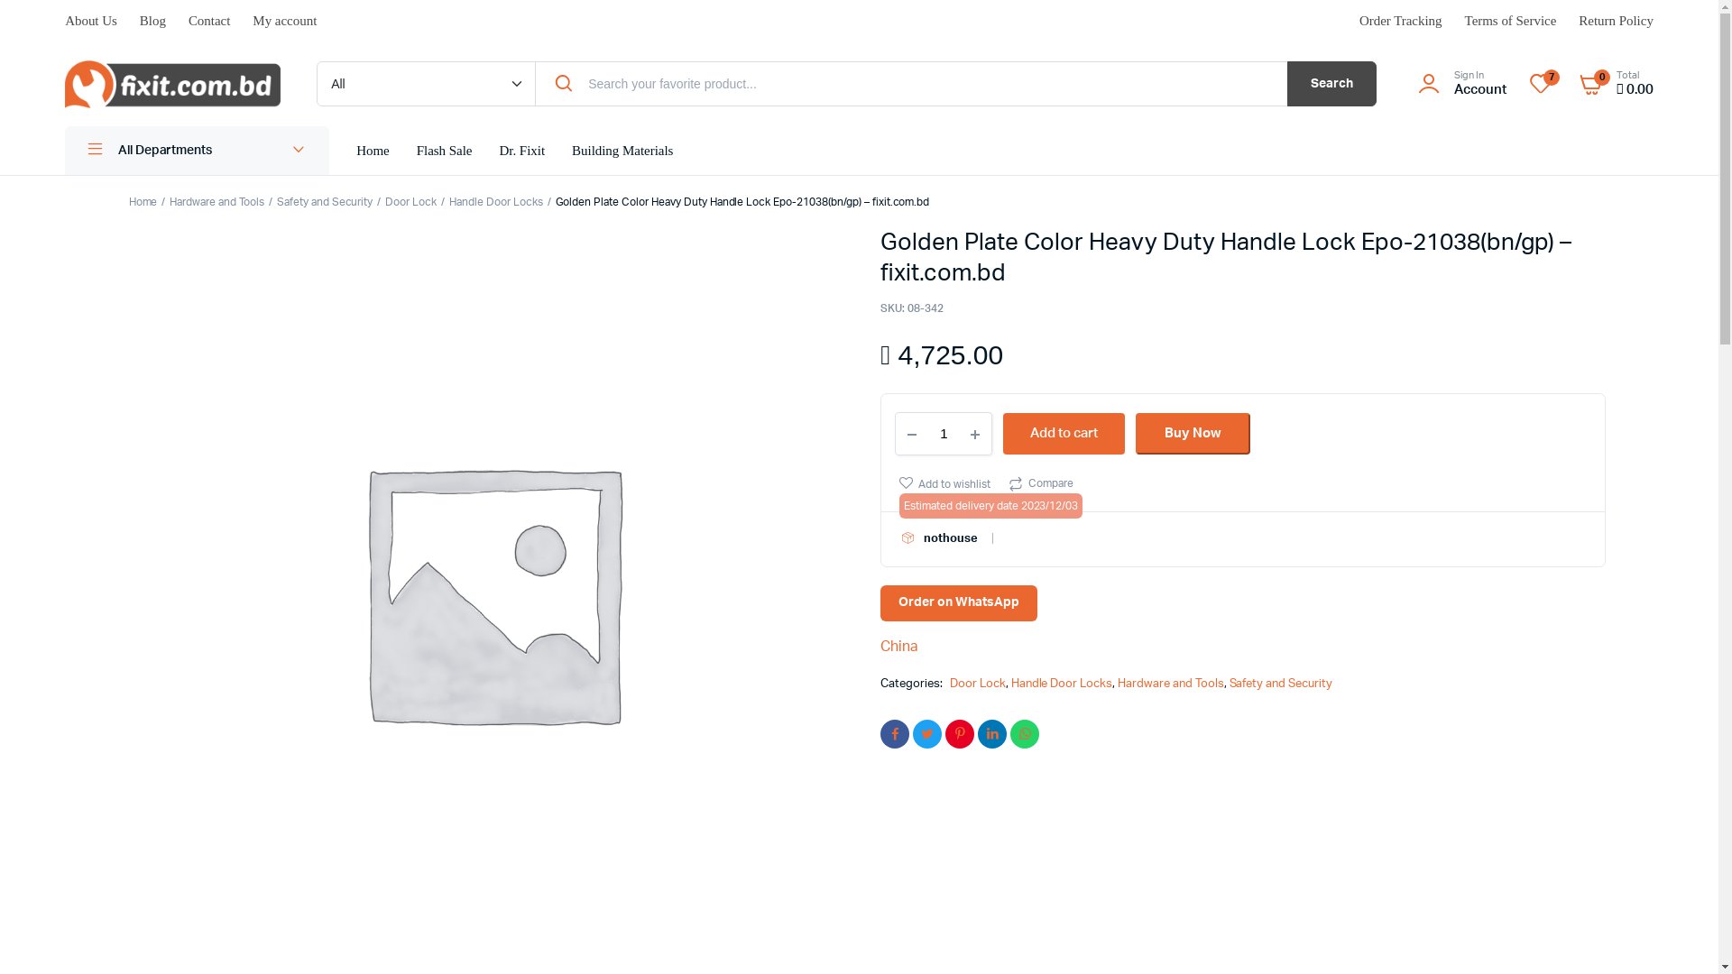 This screenshot has width=1732, height=974. What do you see at coordinates (880, 646) in the screenshot?
I see `'China'` at bounding box center [880, 646].